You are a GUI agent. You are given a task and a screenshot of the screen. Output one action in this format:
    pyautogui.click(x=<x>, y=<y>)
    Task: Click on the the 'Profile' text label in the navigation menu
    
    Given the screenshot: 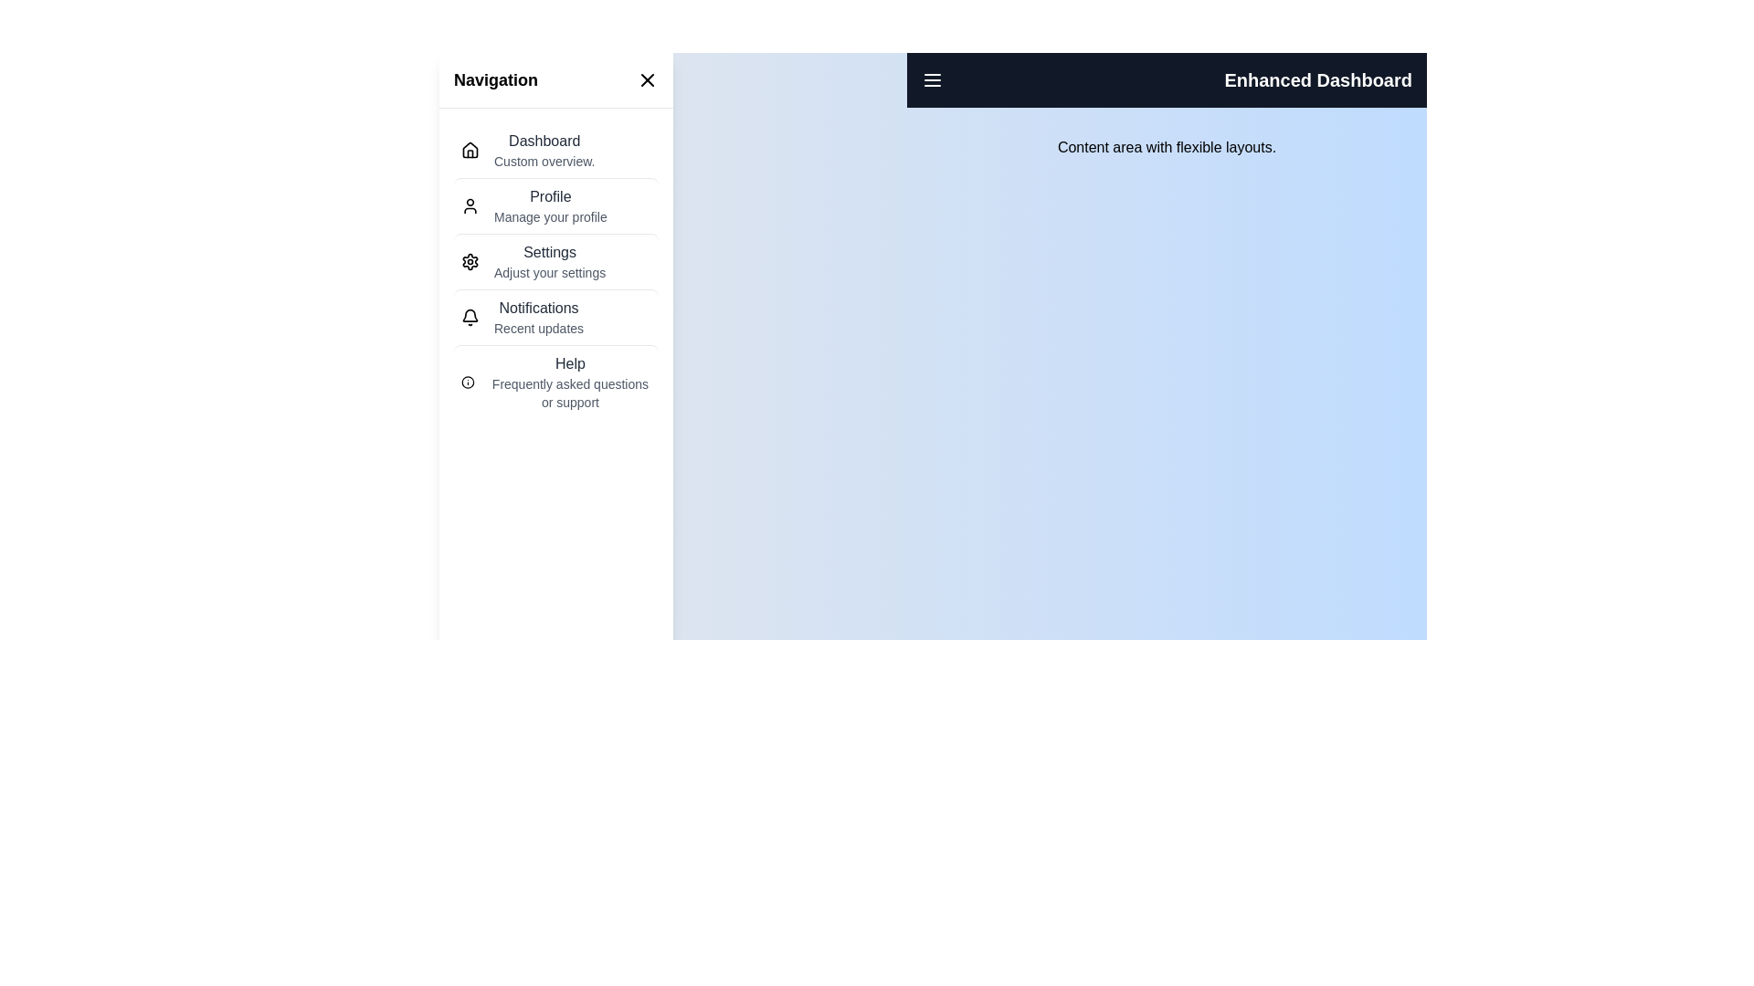 What is the action you would take?
    pyautogui.click(x=549, y=205)
    